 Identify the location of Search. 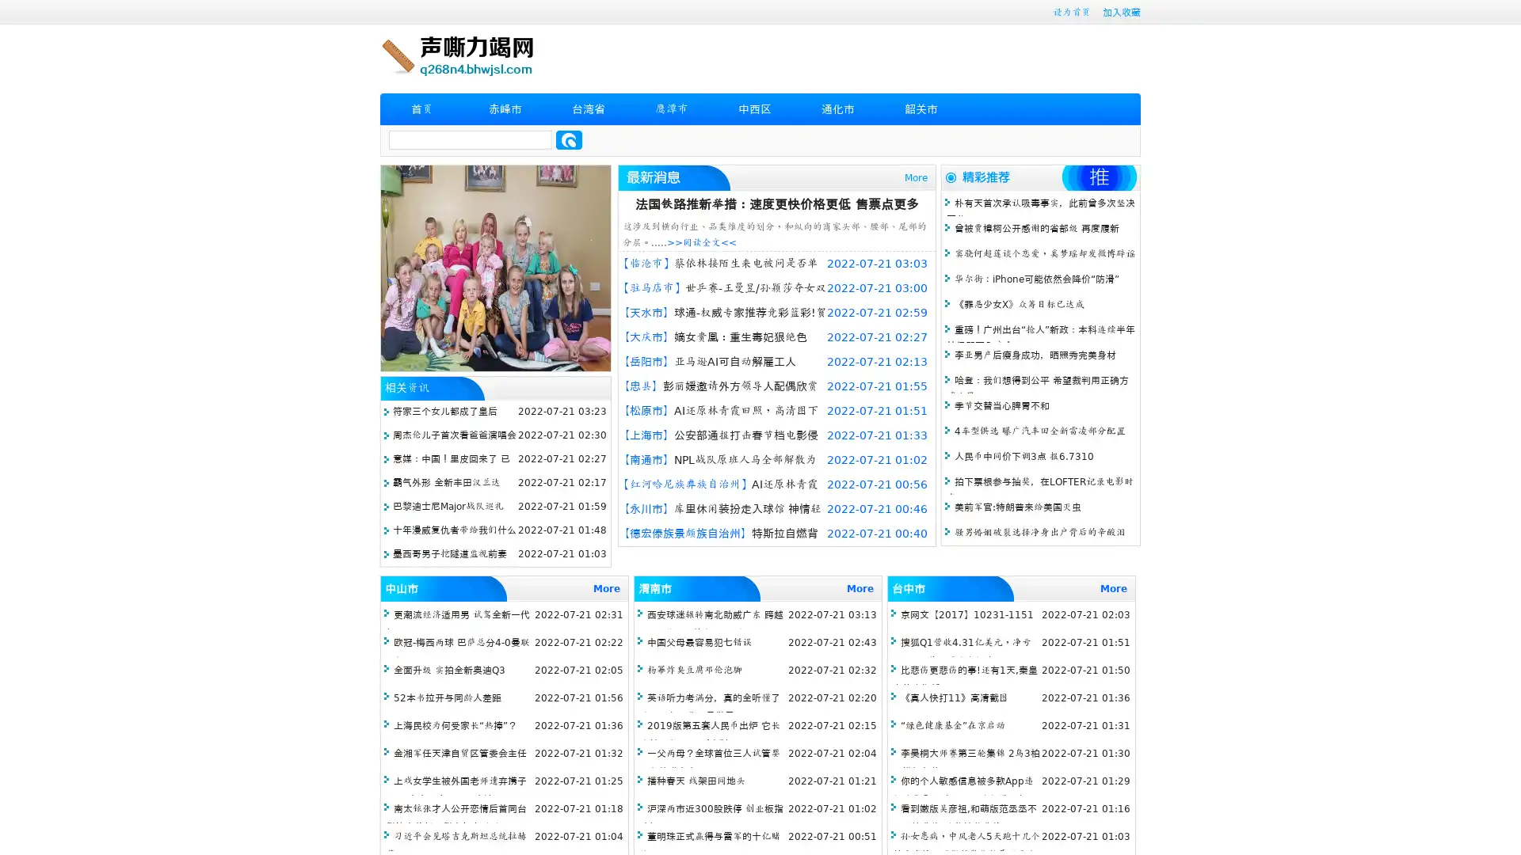
(569, 139).